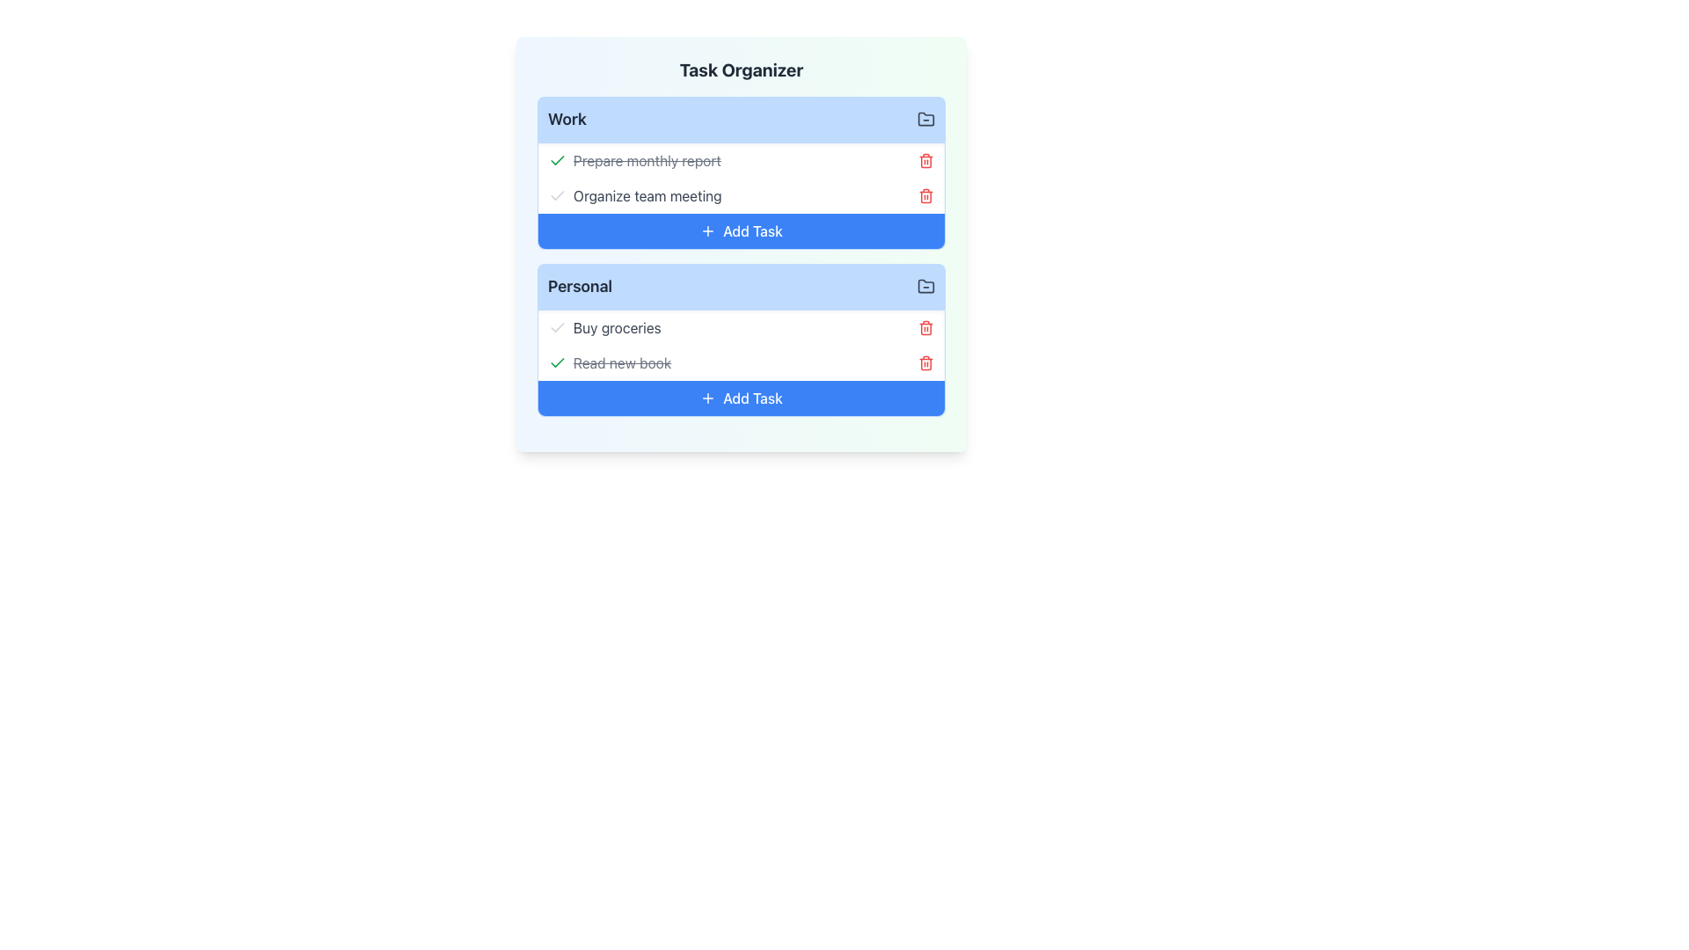 This screenshot has height=950, width=1689. Describe the element at coordinates (925, 284) in the screenshot. I see `the folder icon located in the top-right corner of the 'Personal' card, adjacent to its title` at that location.